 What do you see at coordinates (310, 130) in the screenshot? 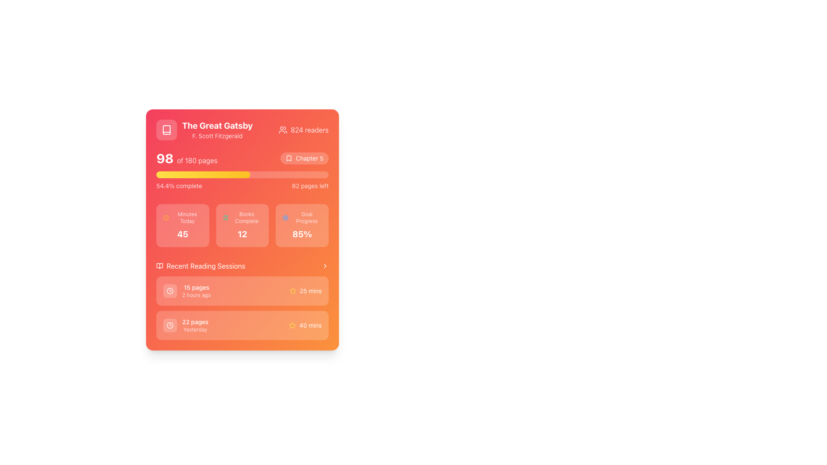
I see `the read-only Text Label displaying the number of readers, located in the top-right corner of the card component next to the people icon` at bounding box center [310, 130].